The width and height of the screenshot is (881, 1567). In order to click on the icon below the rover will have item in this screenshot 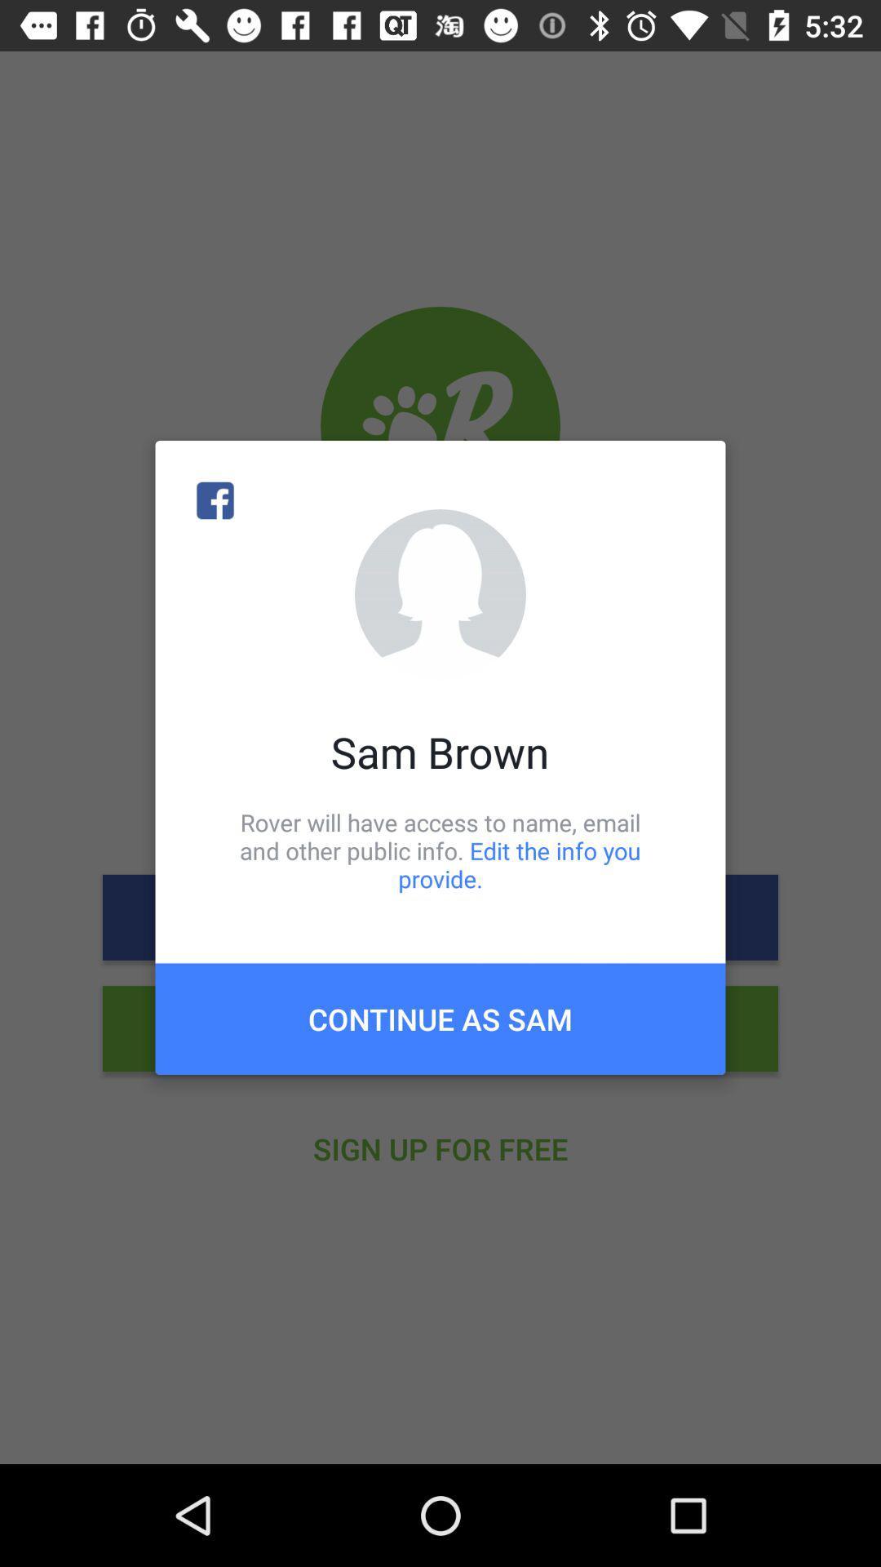, I will do `click(440, 1018)`.